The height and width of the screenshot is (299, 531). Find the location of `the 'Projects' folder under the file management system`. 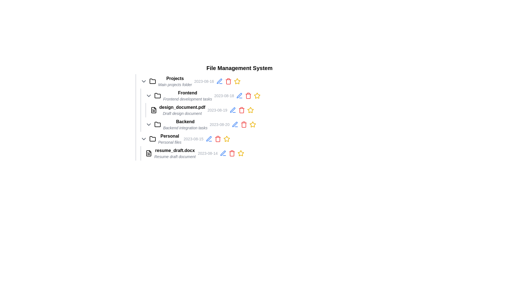

the 'Projects' folder under the file management system is located at coordinates (239, 103).